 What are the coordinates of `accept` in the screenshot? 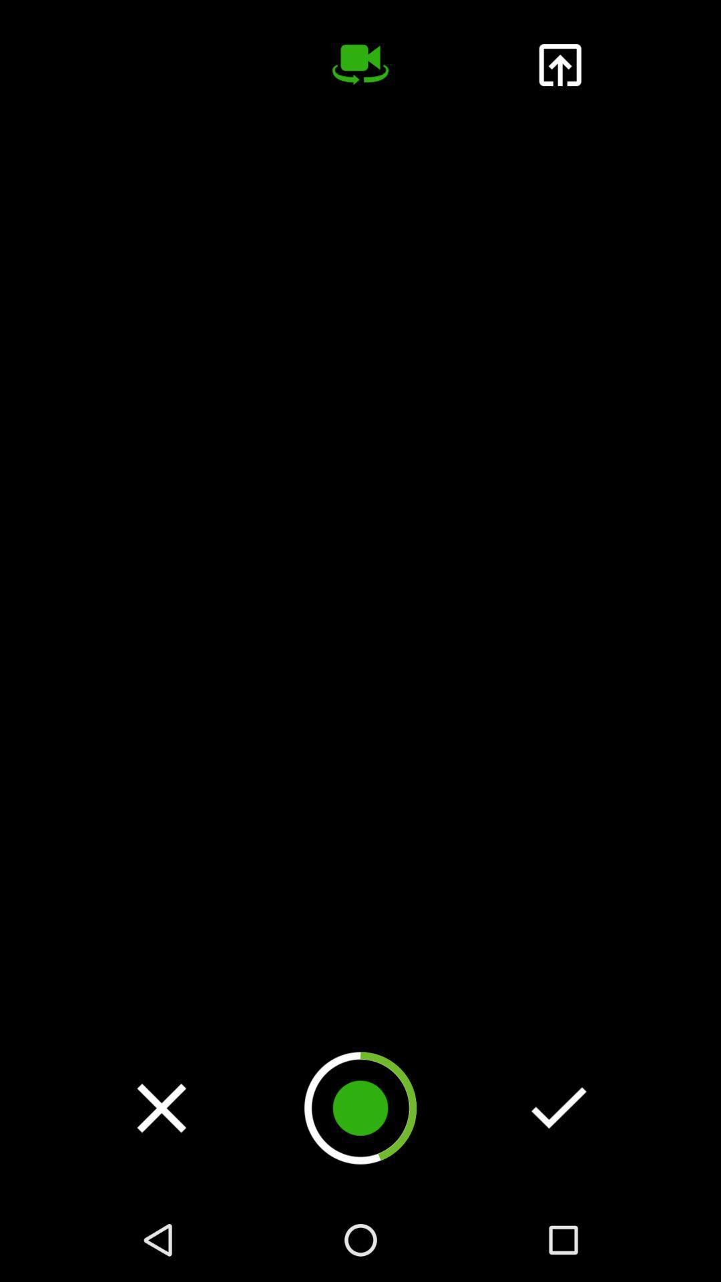 It's located at (559, 1108).